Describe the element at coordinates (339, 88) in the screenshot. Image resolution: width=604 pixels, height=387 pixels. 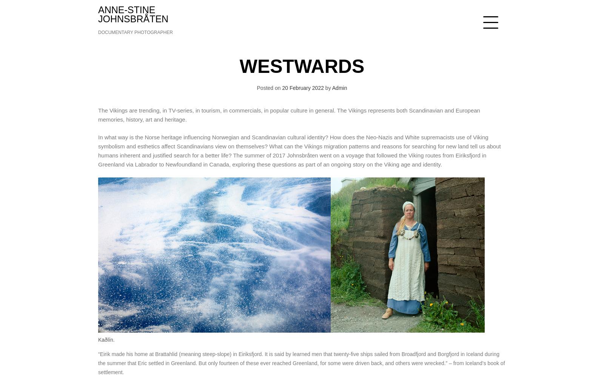
I see `'Admin'` at that location.